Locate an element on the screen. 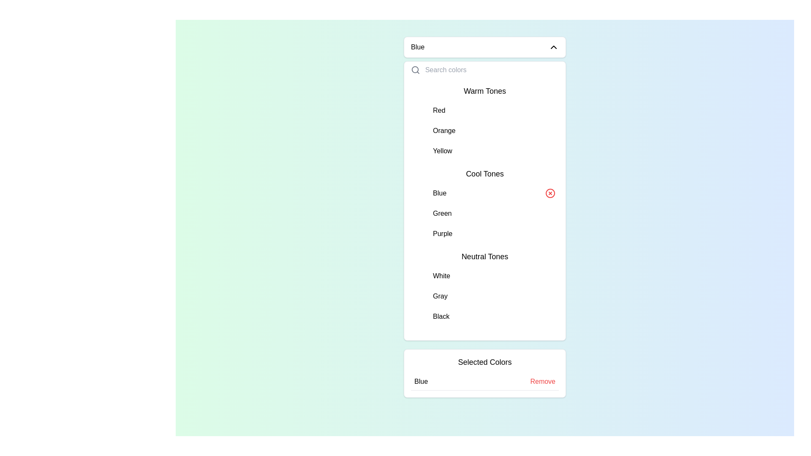  the 'Orange' option in the button-like list item component located under 'Warm Tones' is located at coordinates (484, 130).